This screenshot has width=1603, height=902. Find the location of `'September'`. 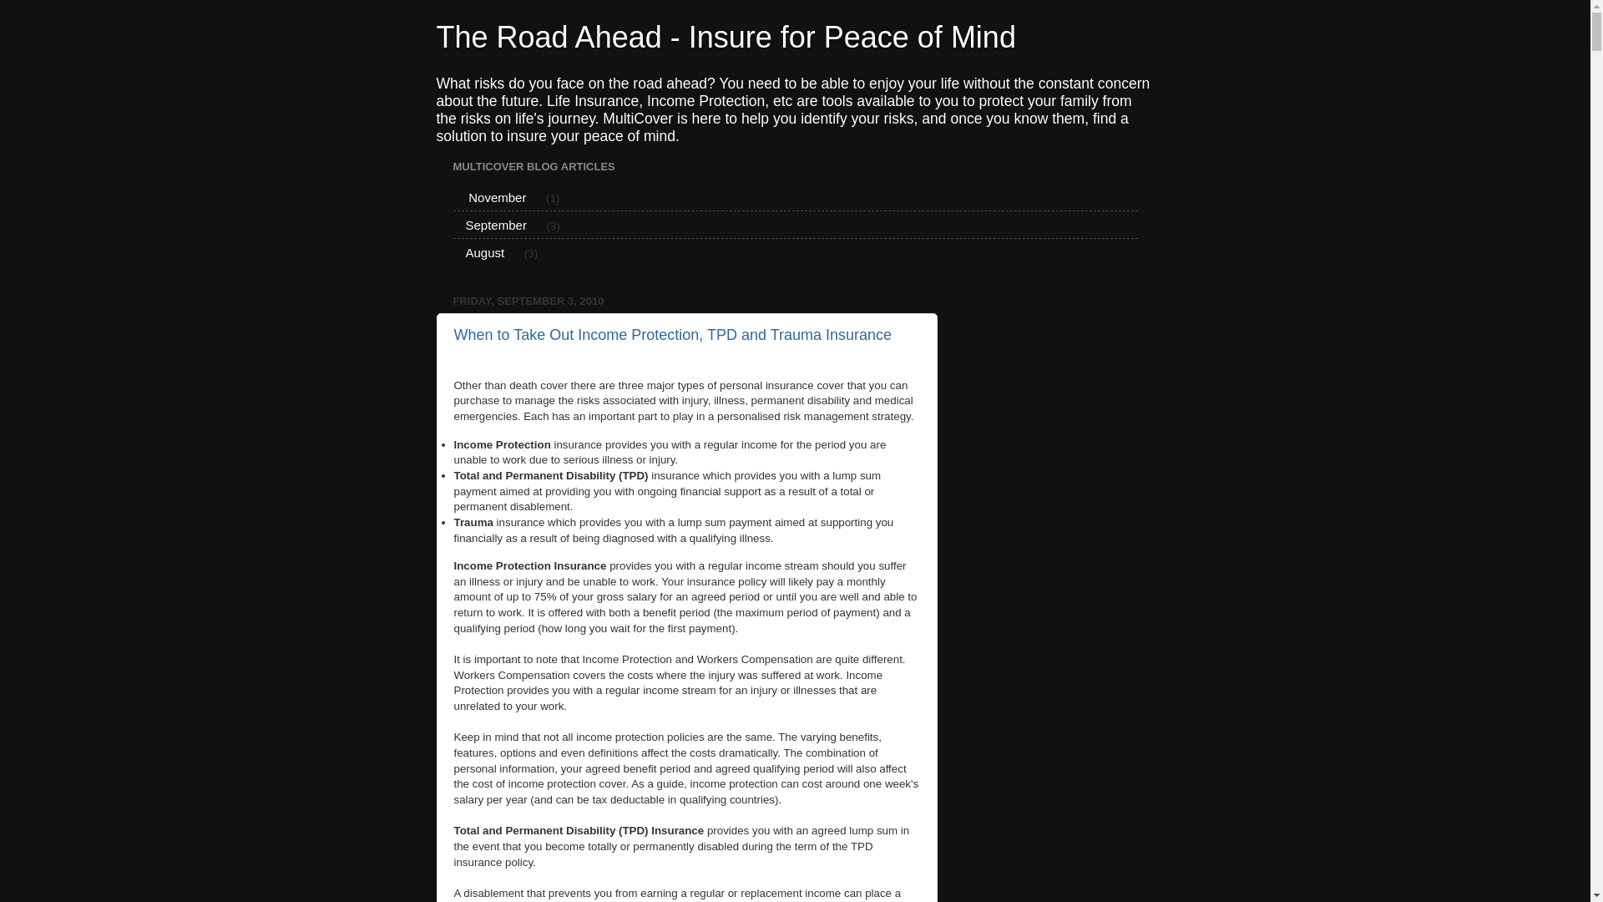

'September' is located at coordinates (453, 224).